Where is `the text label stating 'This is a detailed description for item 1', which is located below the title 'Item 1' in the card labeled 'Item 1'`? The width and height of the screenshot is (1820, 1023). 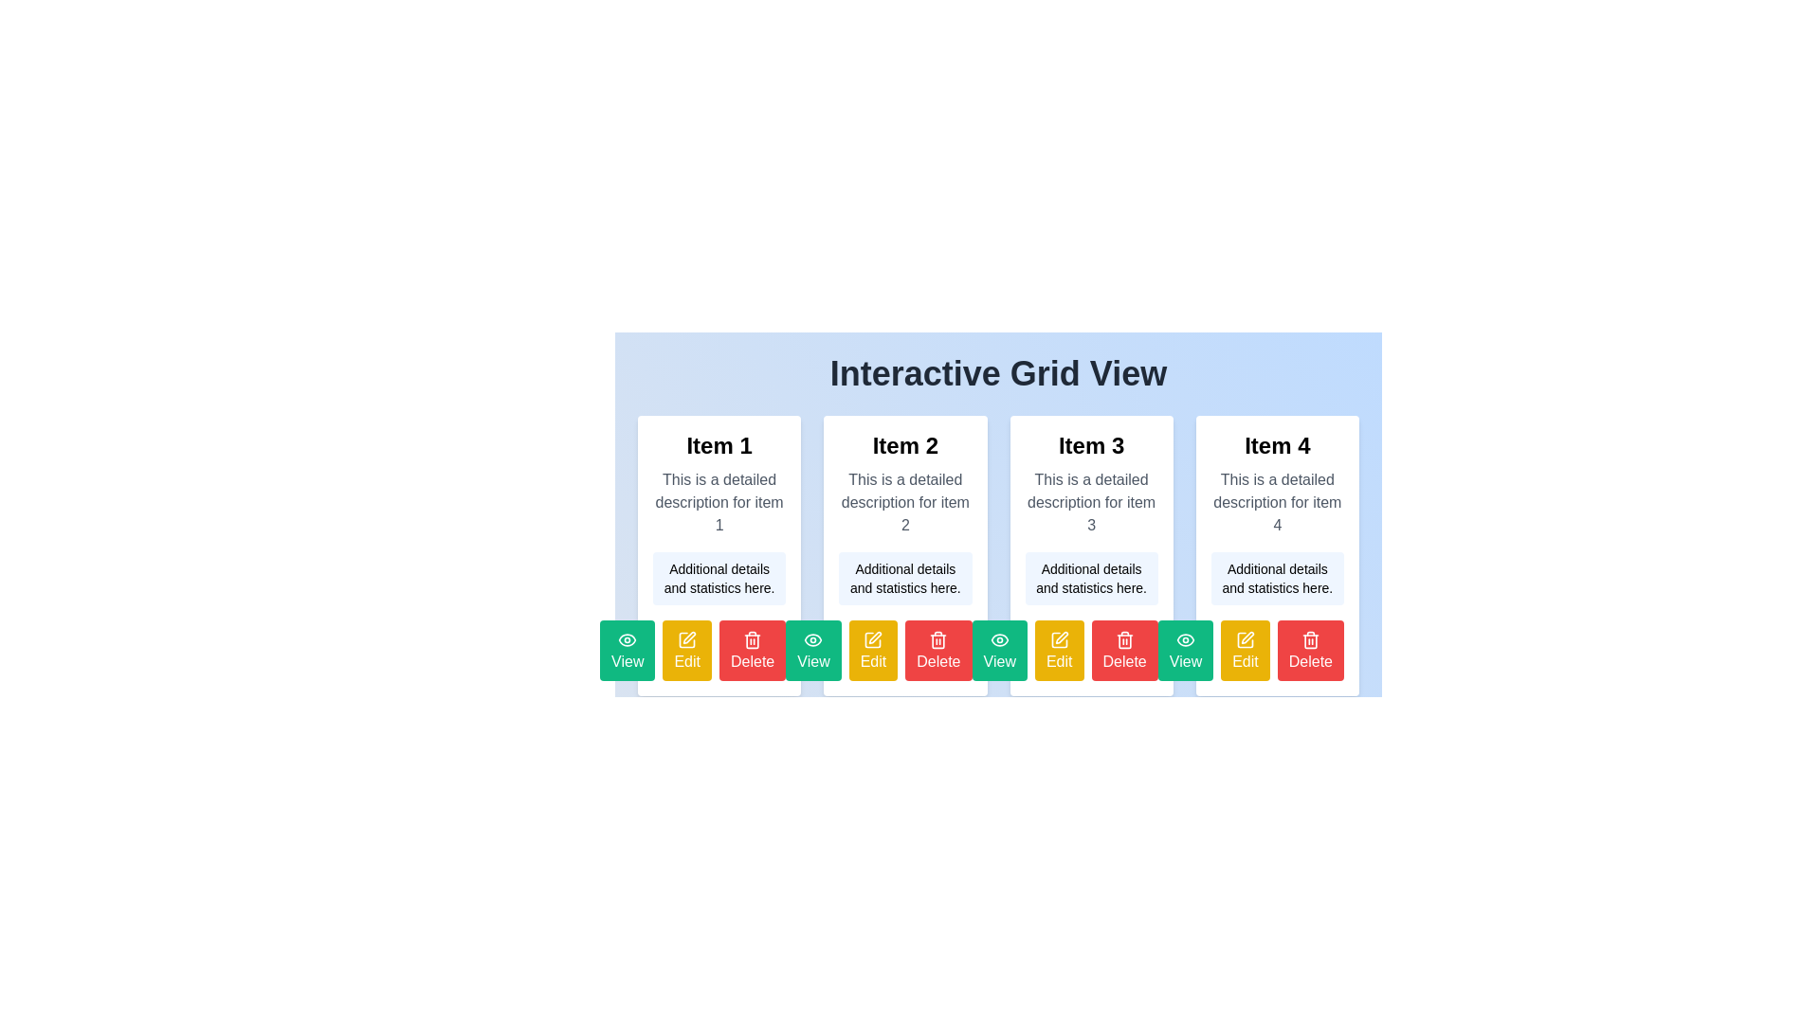
the text label stating 'This is a detailed description for item 1', which is located below the title 'Item 1' in the card labeled 'Item 1' is located at coordinates (719, 502).